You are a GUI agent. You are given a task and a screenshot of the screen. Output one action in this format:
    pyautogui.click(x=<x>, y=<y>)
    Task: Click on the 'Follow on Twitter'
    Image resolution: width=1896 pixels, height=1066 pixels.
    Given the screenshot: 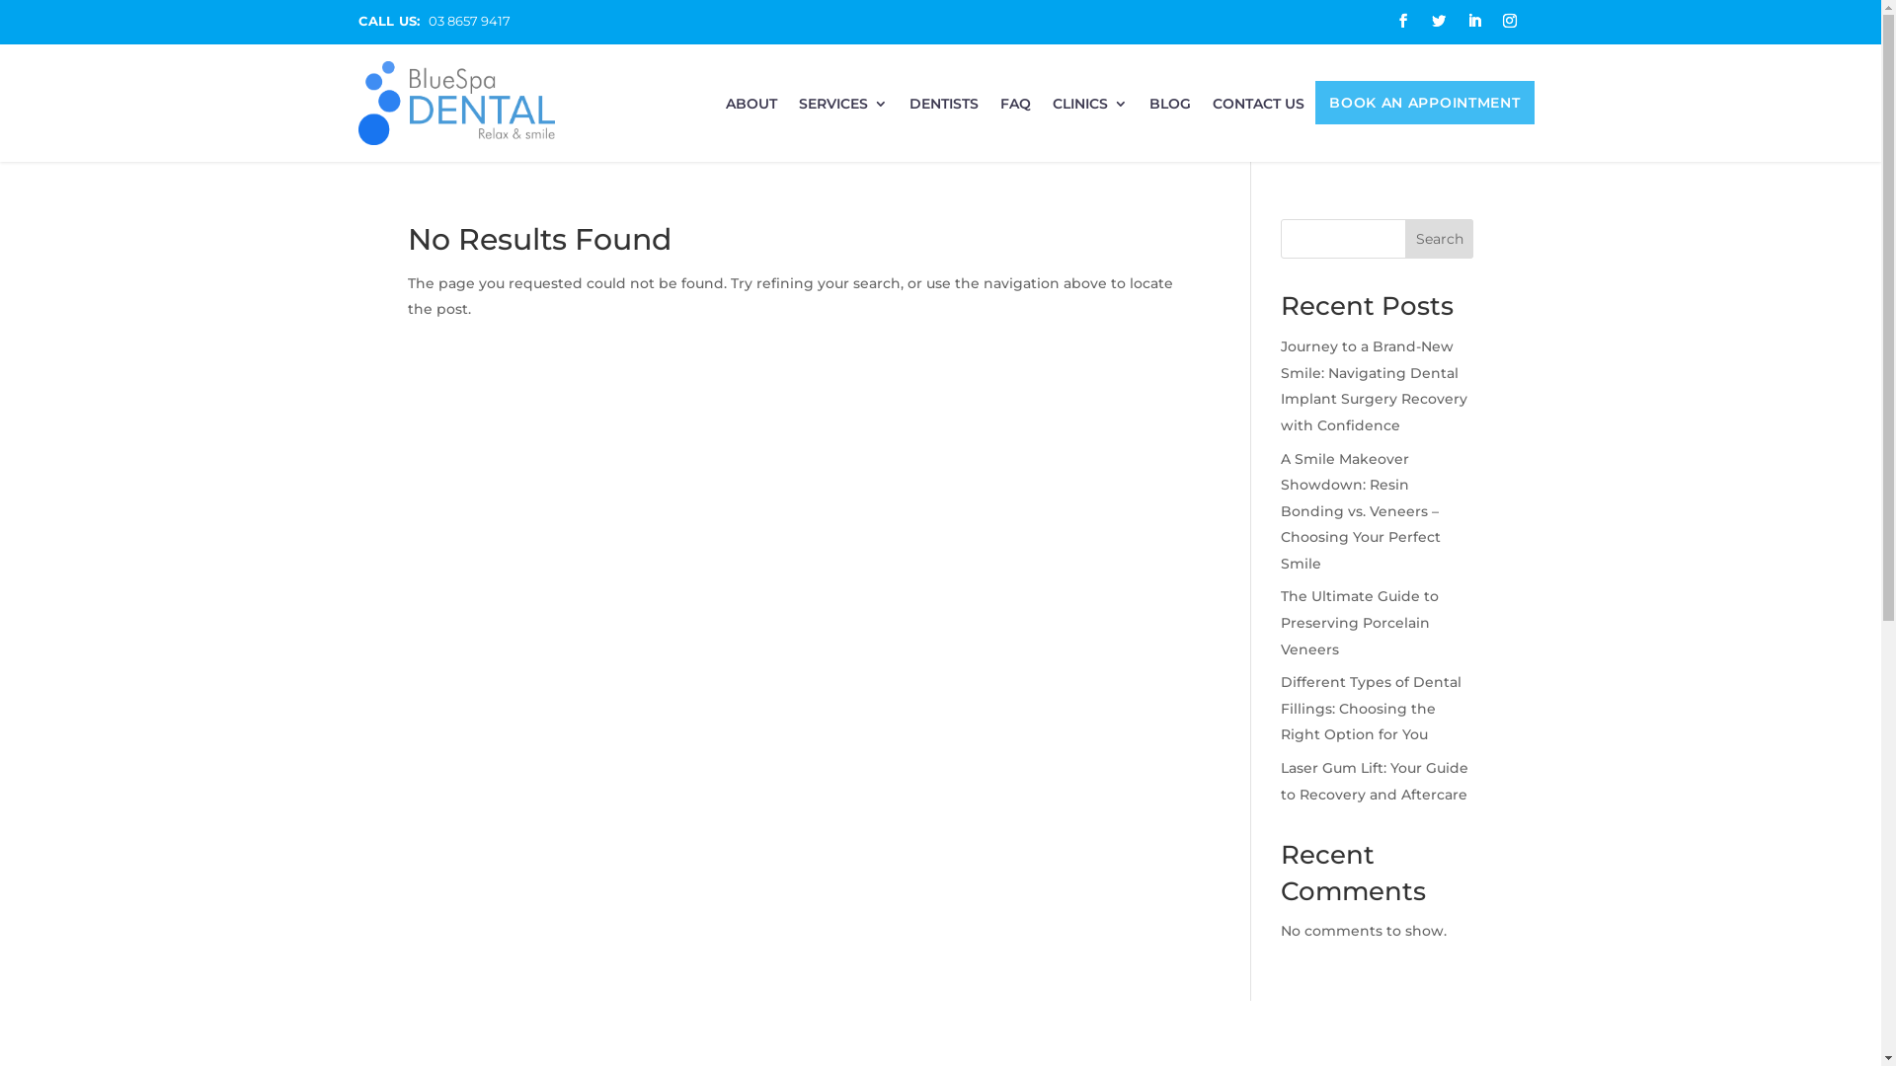 What is the action you would take?
    pyautogui.click(x=1437, y=20)
    